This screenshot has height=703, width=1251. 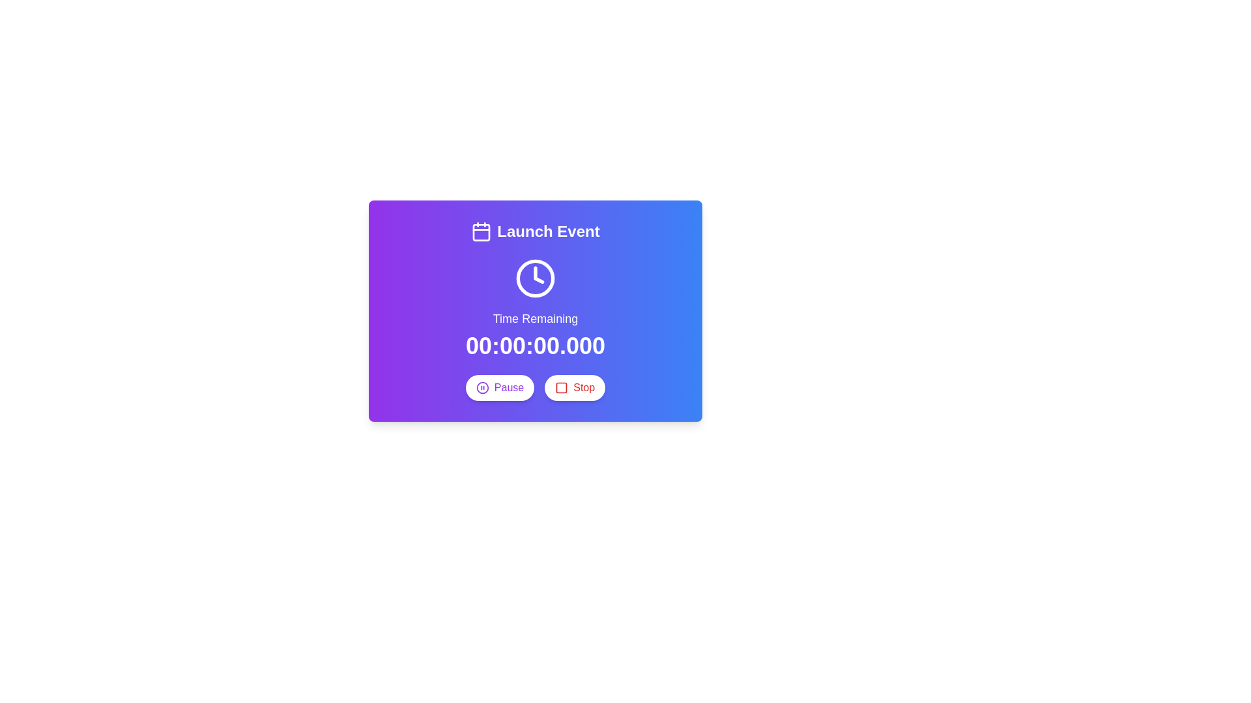 I want to click on the static countdown timer display located at the central lower part of the card, following the subtitle 'Time Remaining' and a clock icon, so click(x=535, y=346).